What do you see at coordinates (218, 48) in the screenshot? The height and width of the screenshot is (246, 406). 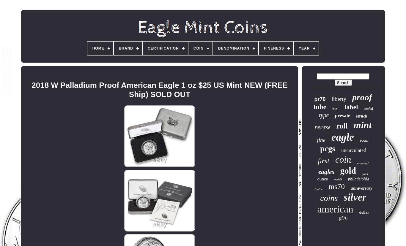 I see `'Denomination'` at bounding box center [218, 48].